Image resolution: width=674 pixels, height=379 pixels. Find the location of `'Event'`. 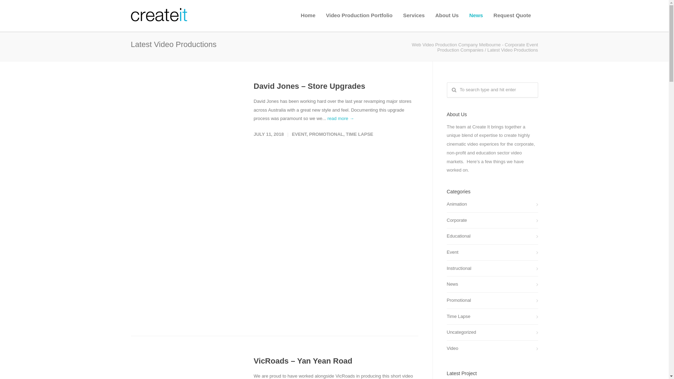

'Event' is located at coordinates (446, 252).